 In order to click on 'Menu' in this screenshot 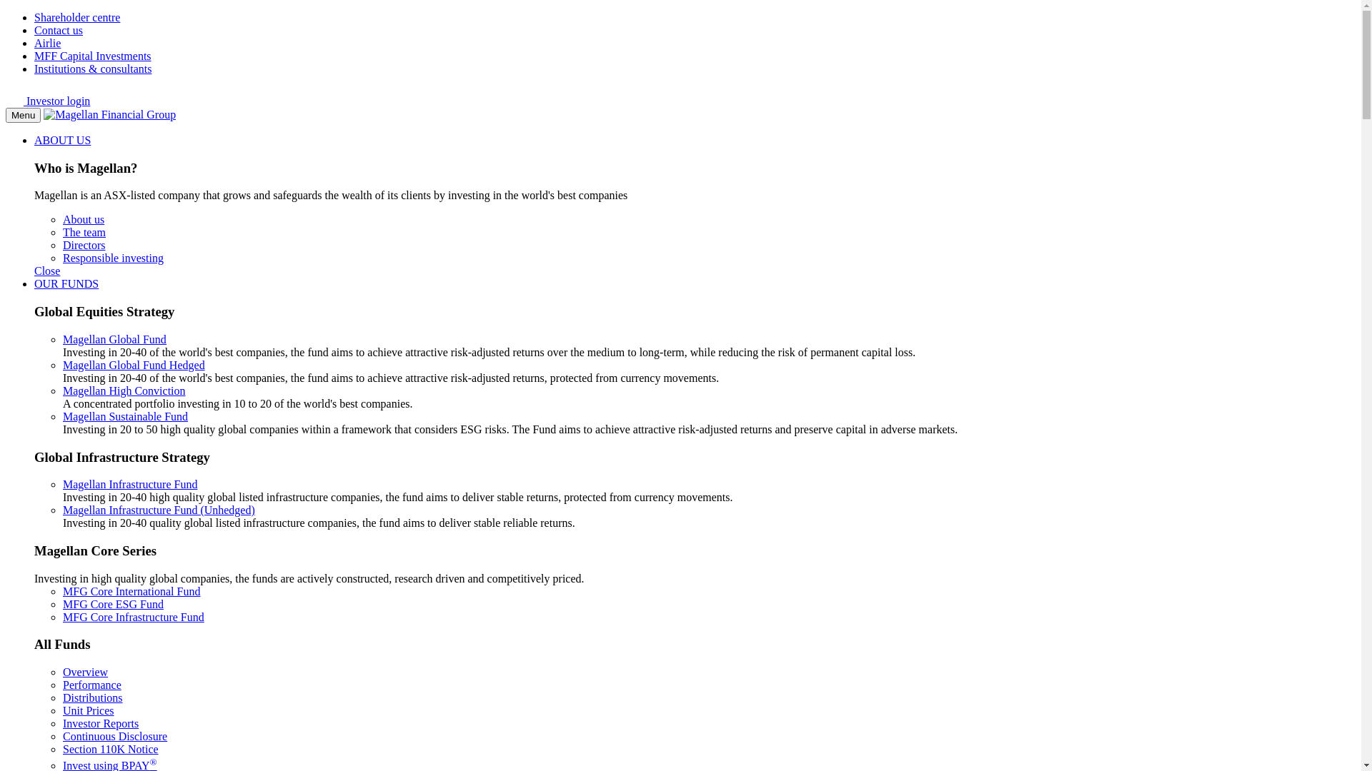, I will do `click(23, 114)`.